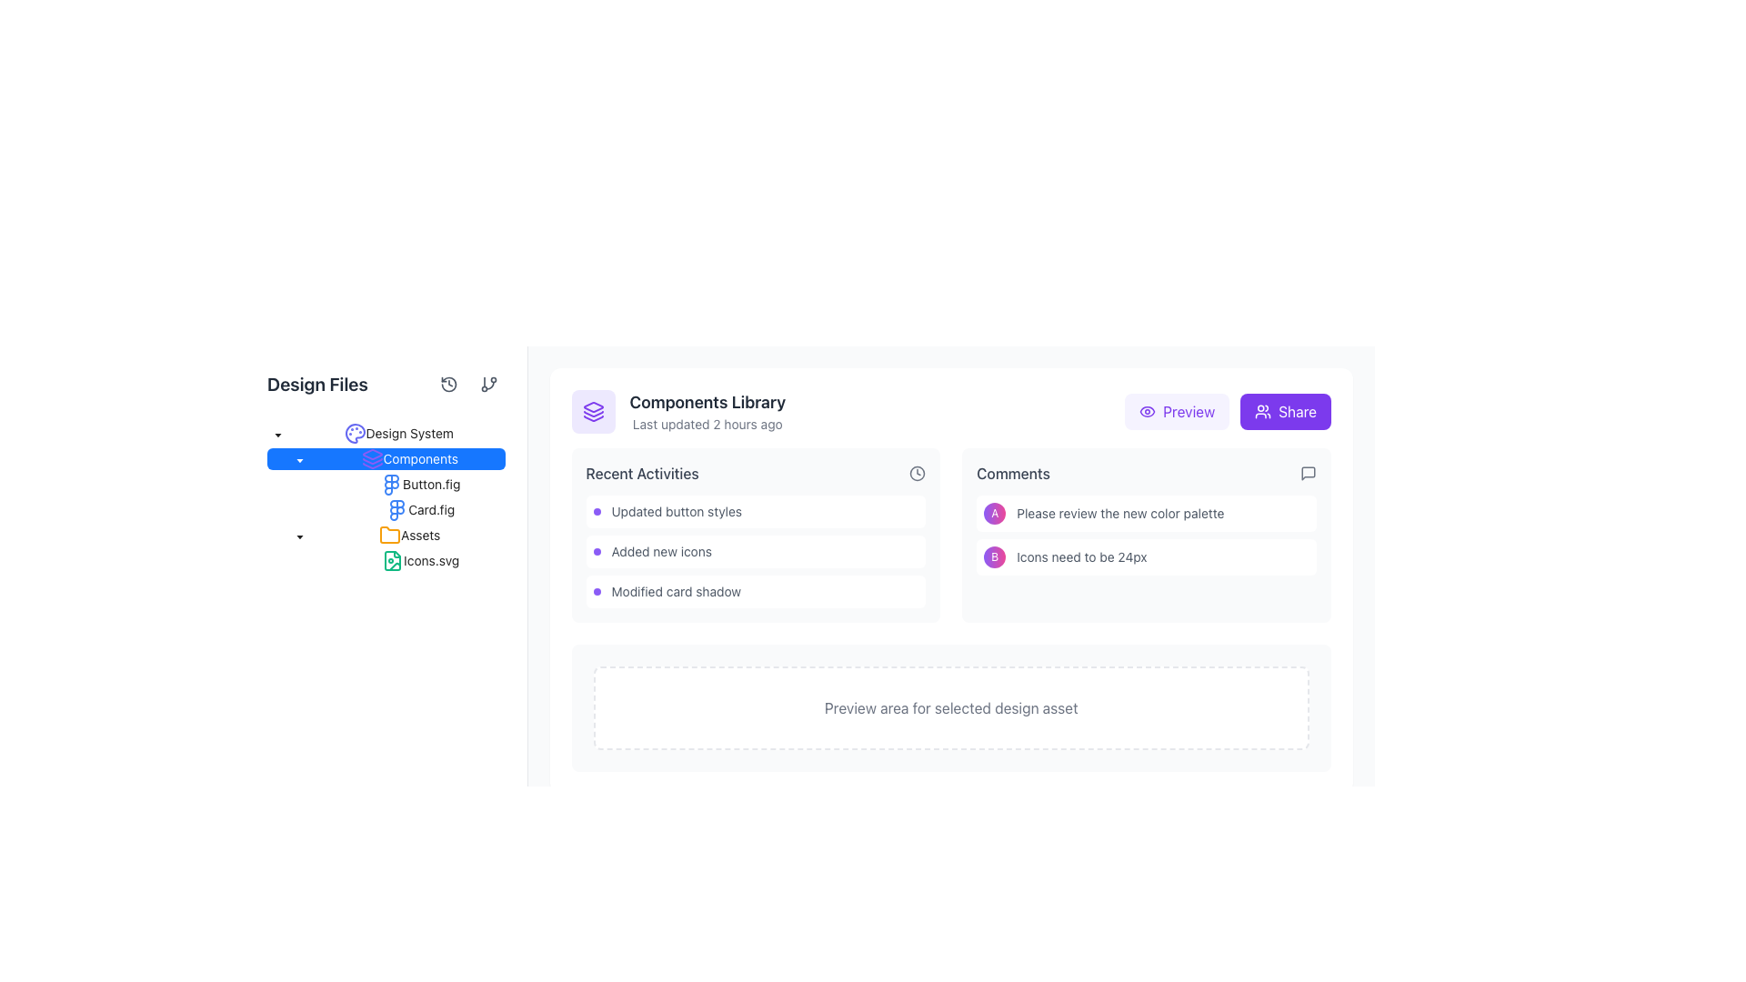 The height and width of the screenshot is (982, 1746). Describe the element at coordinates (430, 559) in the screenshot. I see `the text label 'Icons.svg' within the file tree structure` at that location.